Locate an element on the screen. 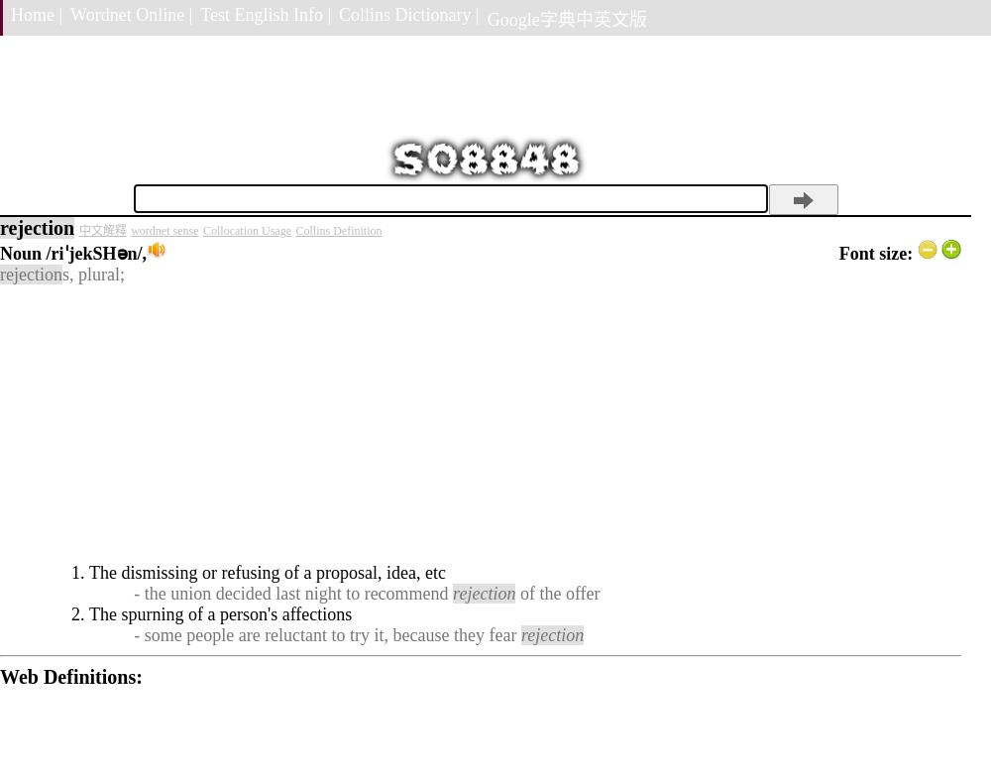 The image size is (991, 773). 'Web Definitions:' is located at coordinates (69, 676).